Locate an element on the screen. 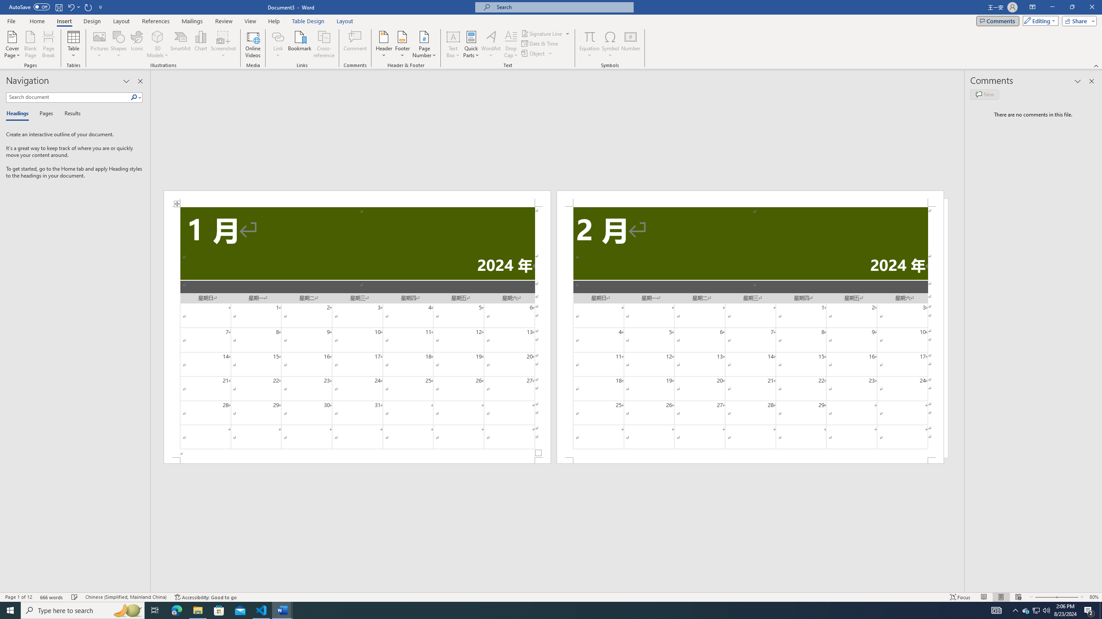  'Zoom Out' is located at coordinates (1043, 597).